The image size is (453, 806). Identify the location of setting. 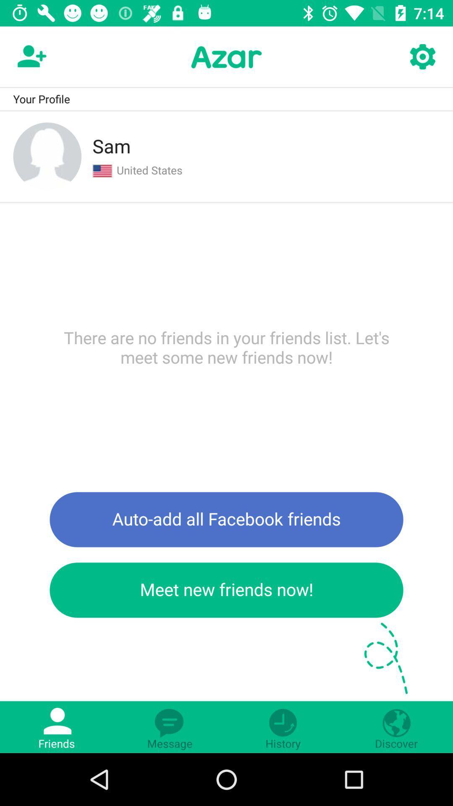
(422, 57).